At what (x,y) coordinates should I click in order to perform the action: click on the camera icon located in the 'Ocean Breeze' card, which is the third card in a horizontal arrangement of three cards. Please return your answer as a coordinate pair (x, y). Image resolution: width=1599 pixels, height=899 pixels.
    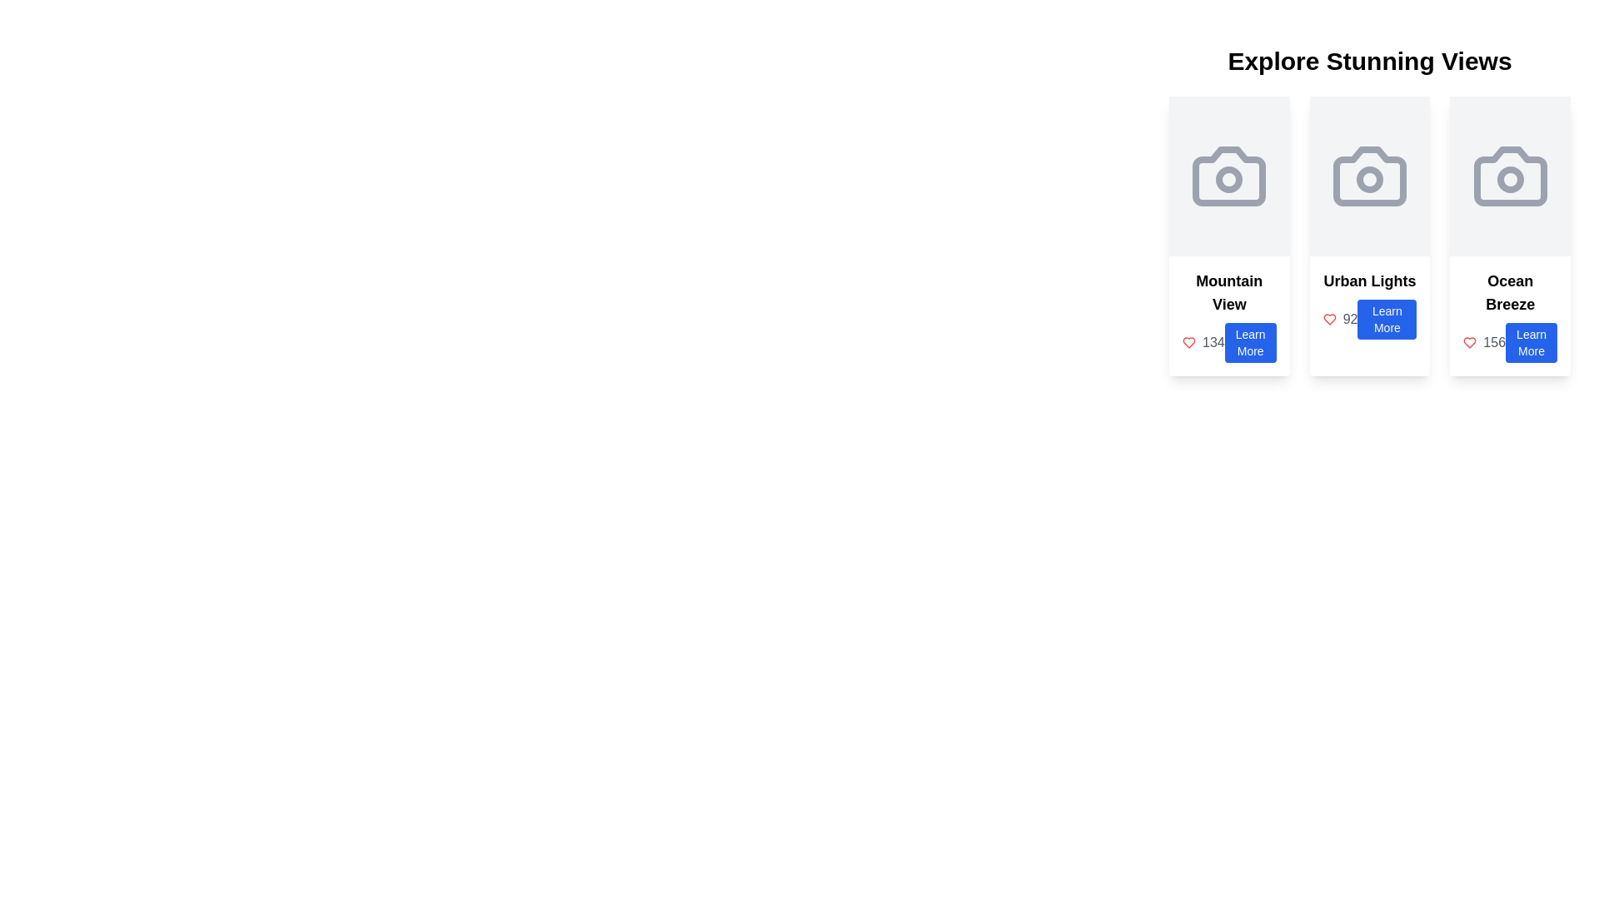
    Looking at the image, I should click on (1510, 176).